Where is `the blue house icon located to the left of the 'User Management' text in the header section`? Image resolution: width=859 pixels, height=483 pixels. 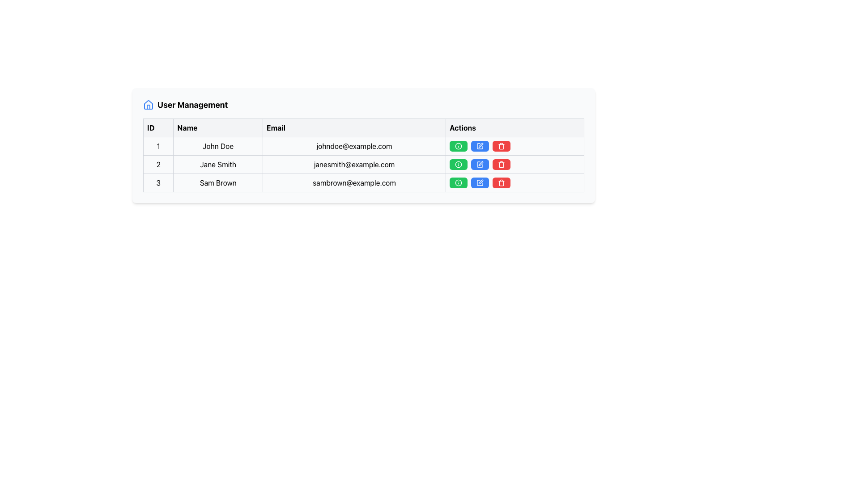 the blue house icon located to the left of the 'User Management' text in the header section is located at coordinates (148, 105).